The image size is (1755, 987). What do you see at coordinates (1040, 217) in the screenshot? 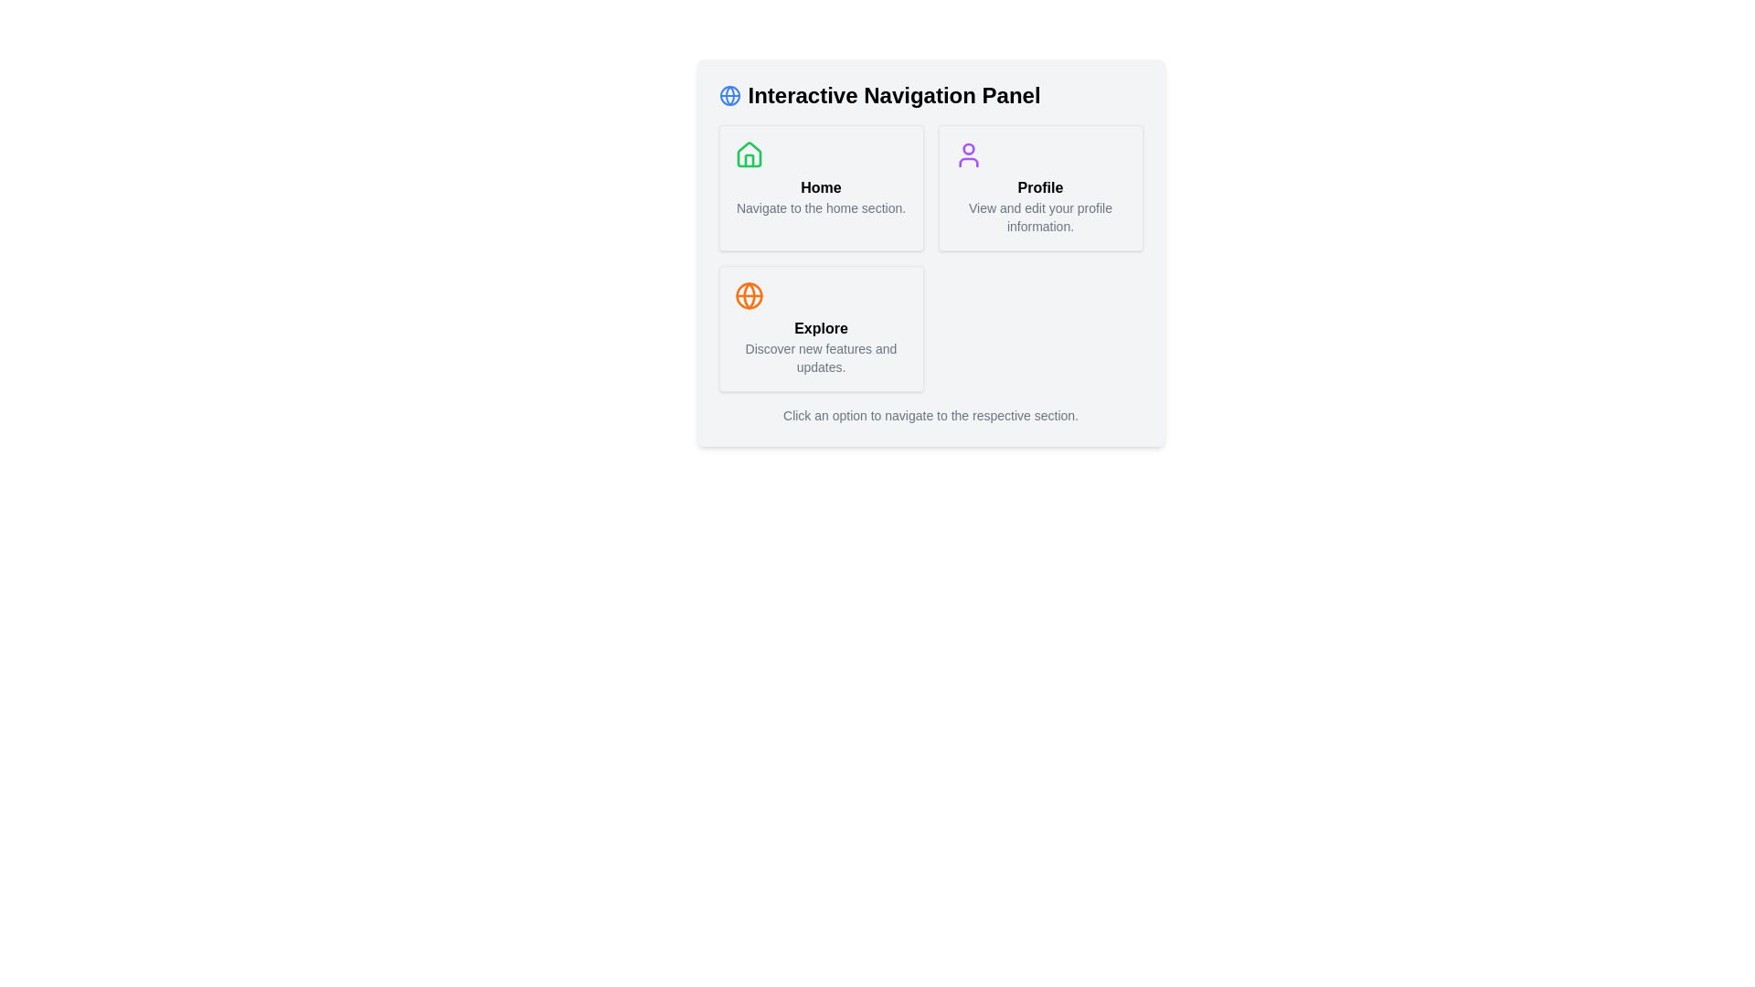
I see `the descriptive subtitle or hint located in the lower section of the 'Profile' card, positioned directly below the 'Profile' heading` at bounding box center [1040, 217].